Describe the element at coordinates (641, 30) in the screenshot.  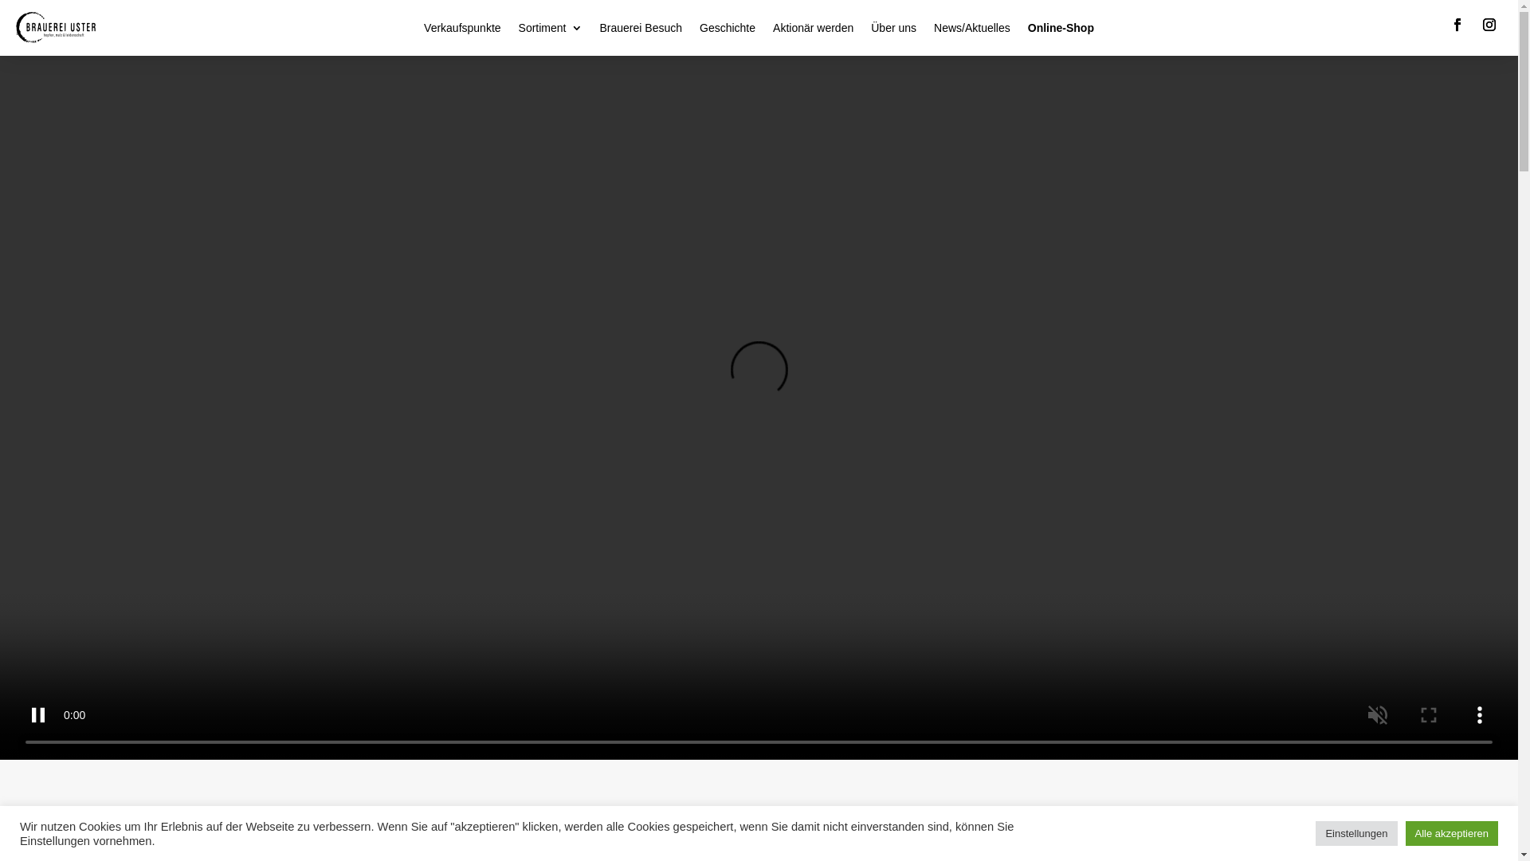
I see `'Brauerei Besuch'` at that location.